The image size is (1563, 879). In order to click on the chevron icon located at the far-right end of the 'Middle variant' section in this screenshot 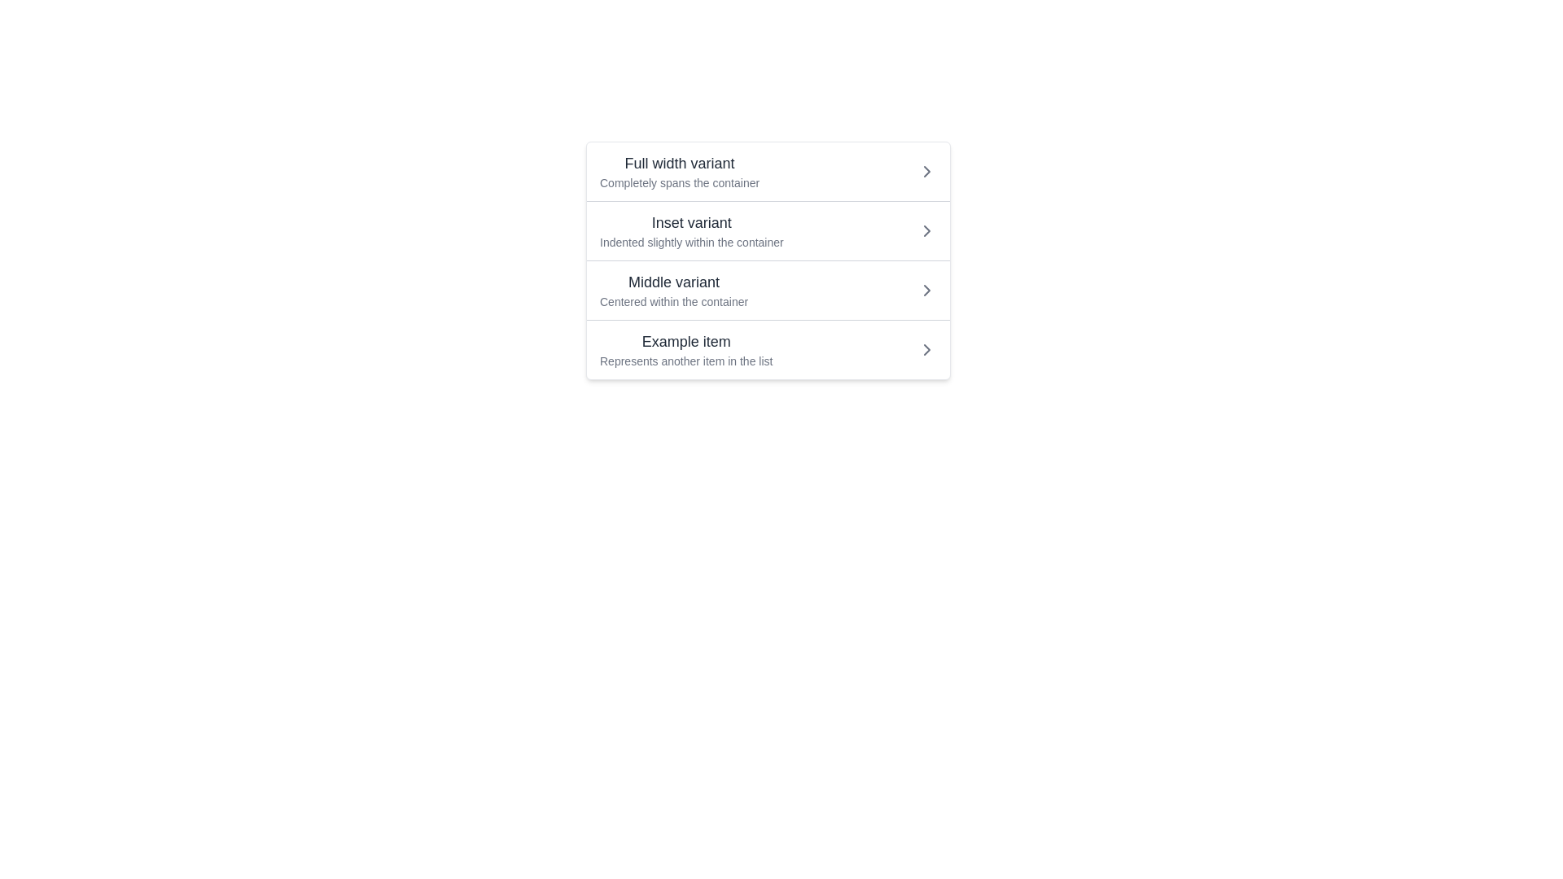, I will do `click(926, 290)`.